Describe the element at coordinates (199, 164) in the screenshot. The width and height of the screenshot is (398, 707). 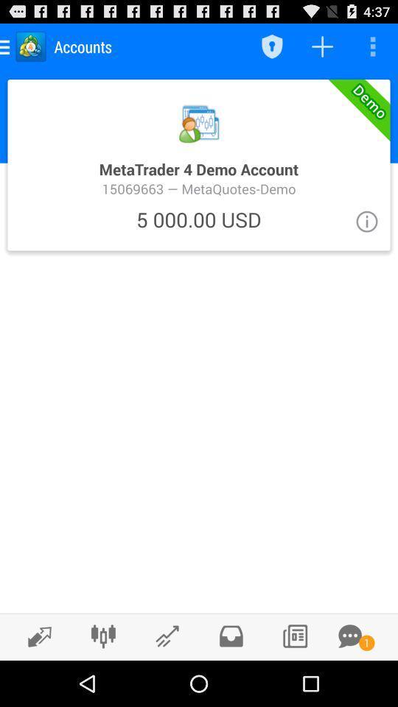
I see `demo funds` at that location.